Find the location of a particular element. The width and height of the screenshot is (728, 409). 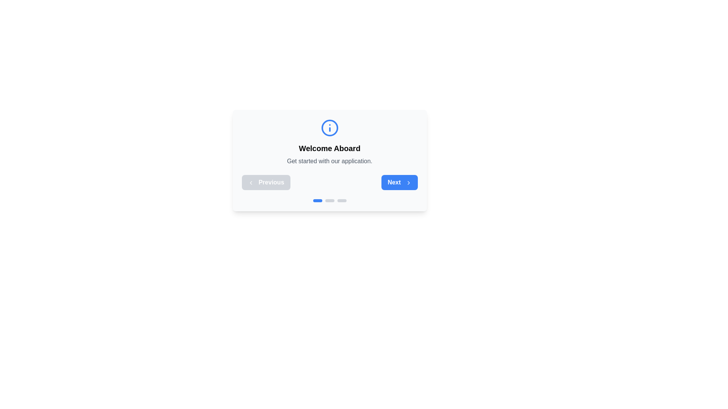

the active state indicator of the first step in the pagination control located below the text 'Get started with our application.' is located at coordinates (317, 200).